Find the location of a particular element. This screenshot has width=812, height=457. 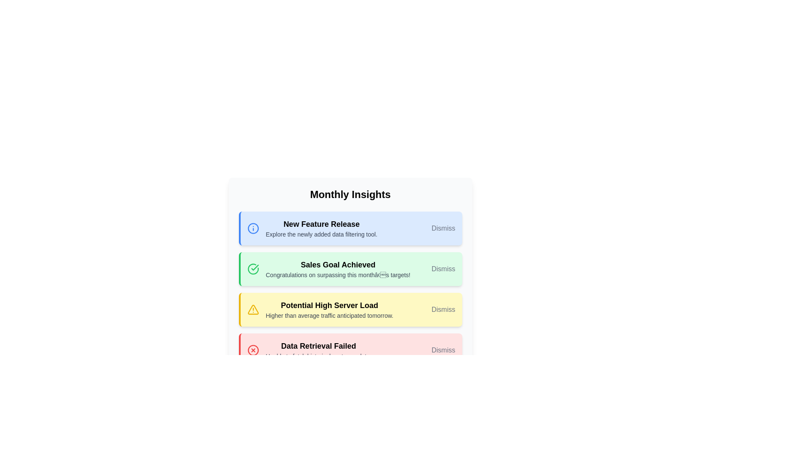

the Text Label that serves as the title of an error notification, located at the top of the fourth horizontal card in the notification panels is located at coordinates (318, 346).